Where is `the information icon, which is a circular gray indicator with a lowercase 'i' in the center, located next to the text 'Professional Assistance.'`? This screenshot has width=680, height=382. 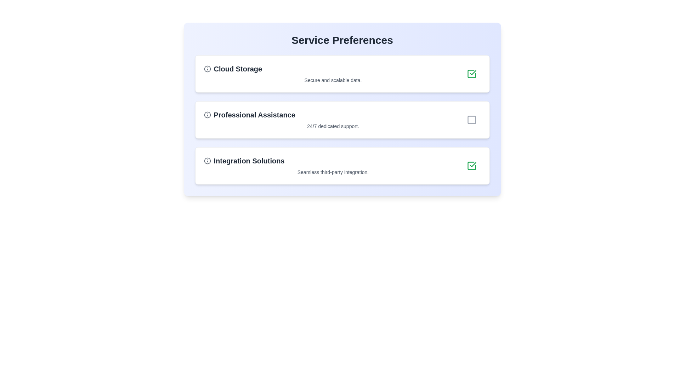 the information icon, which is a circular gray indicator with a lowercase 'i' in the center, located next to the text 'Professional Assistance.' is located at coordinates (207, 114).